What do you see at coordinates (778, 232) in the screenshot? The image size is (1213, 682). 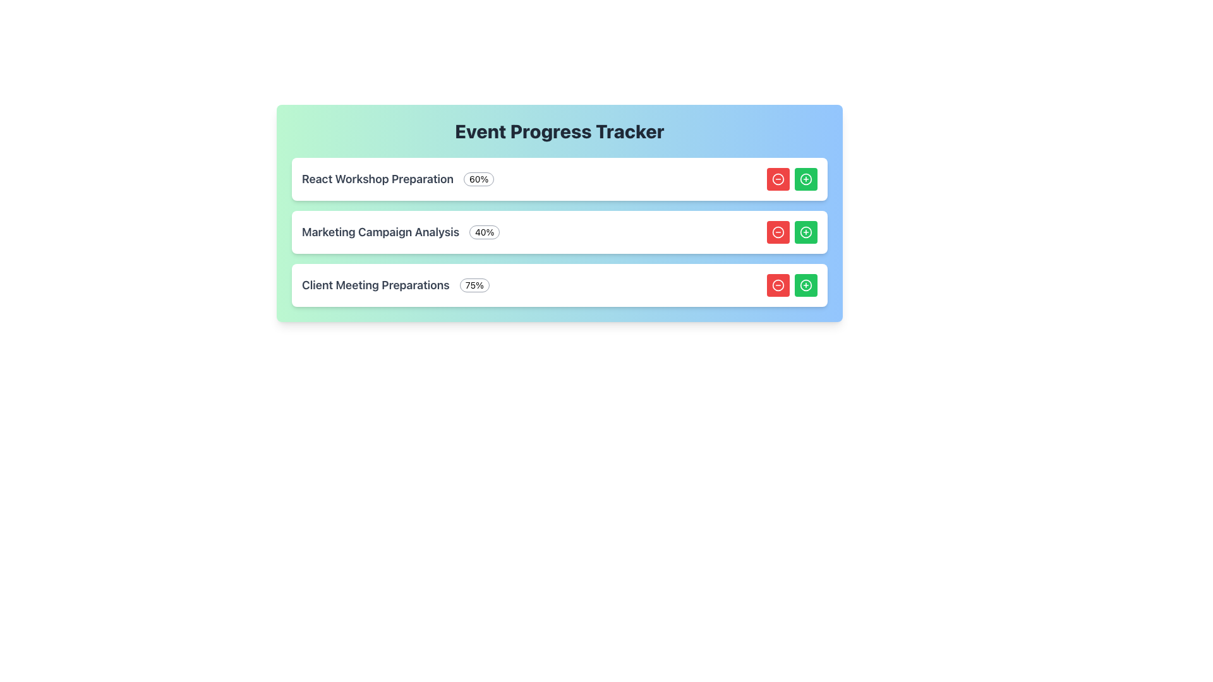 I see `the leftmost circular button in the red button group` at bounding box center [778, 232].